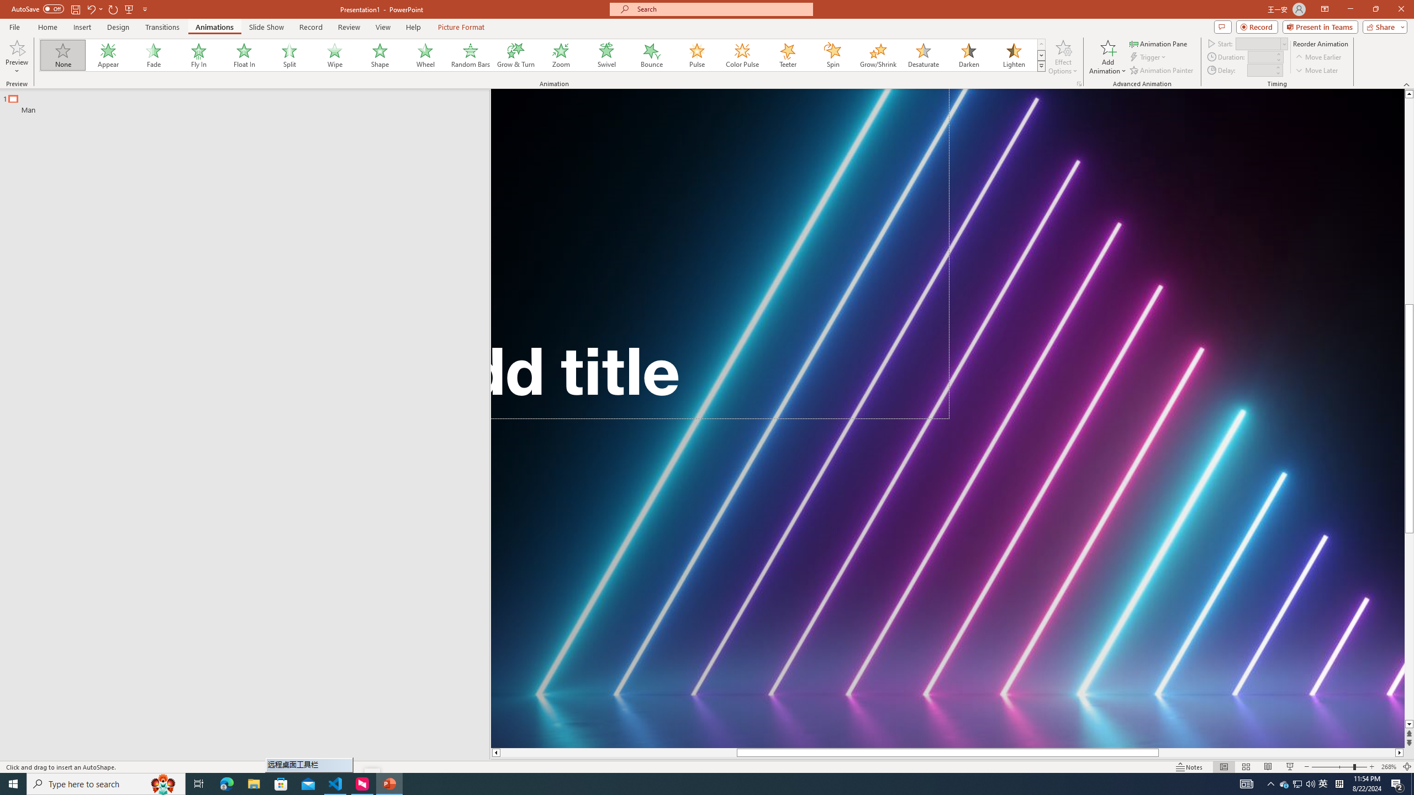 The image size is (1414, 795). Describe the element at coordinates (651, 55) in the screenshot. I see `'Bounce'` at that location.